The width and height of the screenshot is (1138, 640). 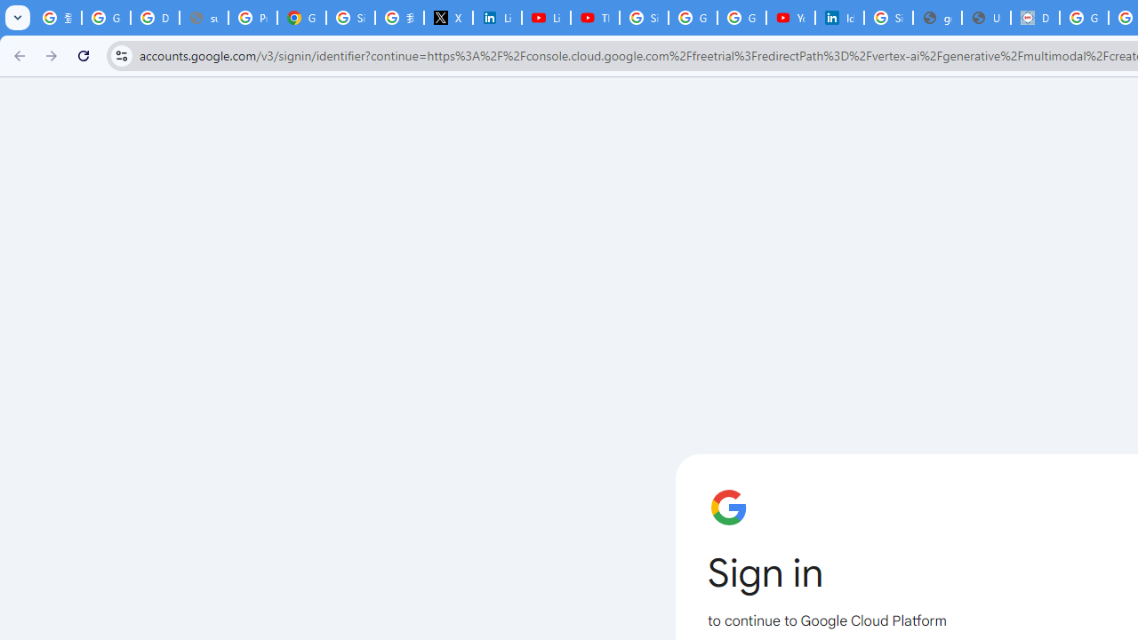 What do you see at coordinates (498, 18) in the screenshot?
I see `'LinkedIn Privacy Policy'` at bounding box center [498, 18].